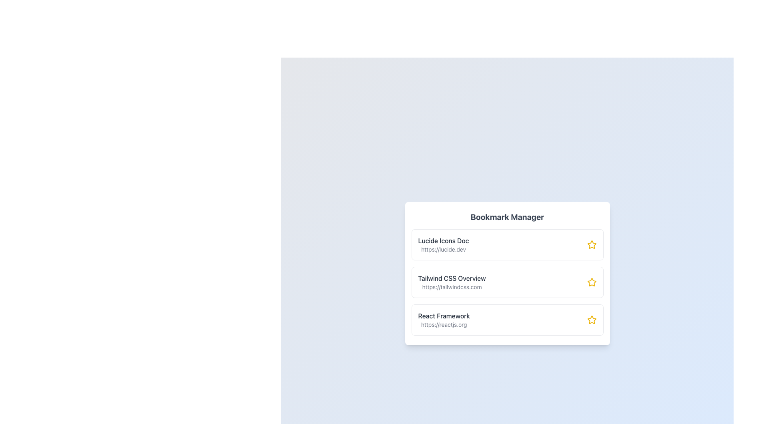 The height and width of the screenshot is (432, 768). What do you see at coordinates (443, 244) in the screenshot?
I see `the Textual Bookmark Entry labeled 'Lucide Icons Doc'` at bounding box center [443, 244].